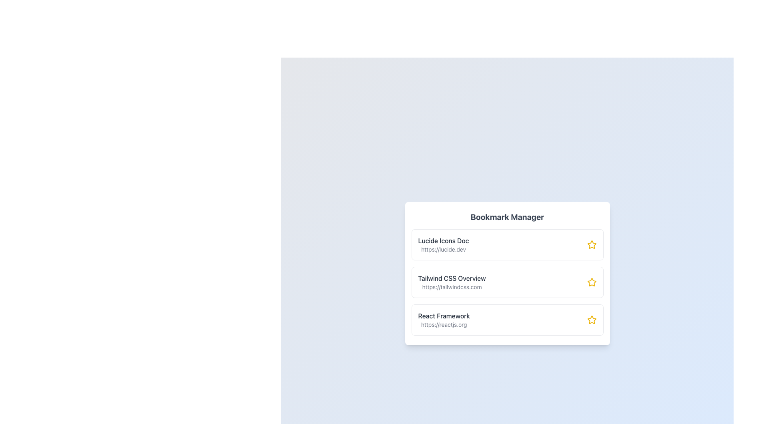 The height and width of the screenshot is (432, 768). What do you see at coordinates (443, 244) in the screenshot?
I see `the Textual Bookmark Entry labeled 'Lucide Icons Doc'` at bounding box center [443, 244].